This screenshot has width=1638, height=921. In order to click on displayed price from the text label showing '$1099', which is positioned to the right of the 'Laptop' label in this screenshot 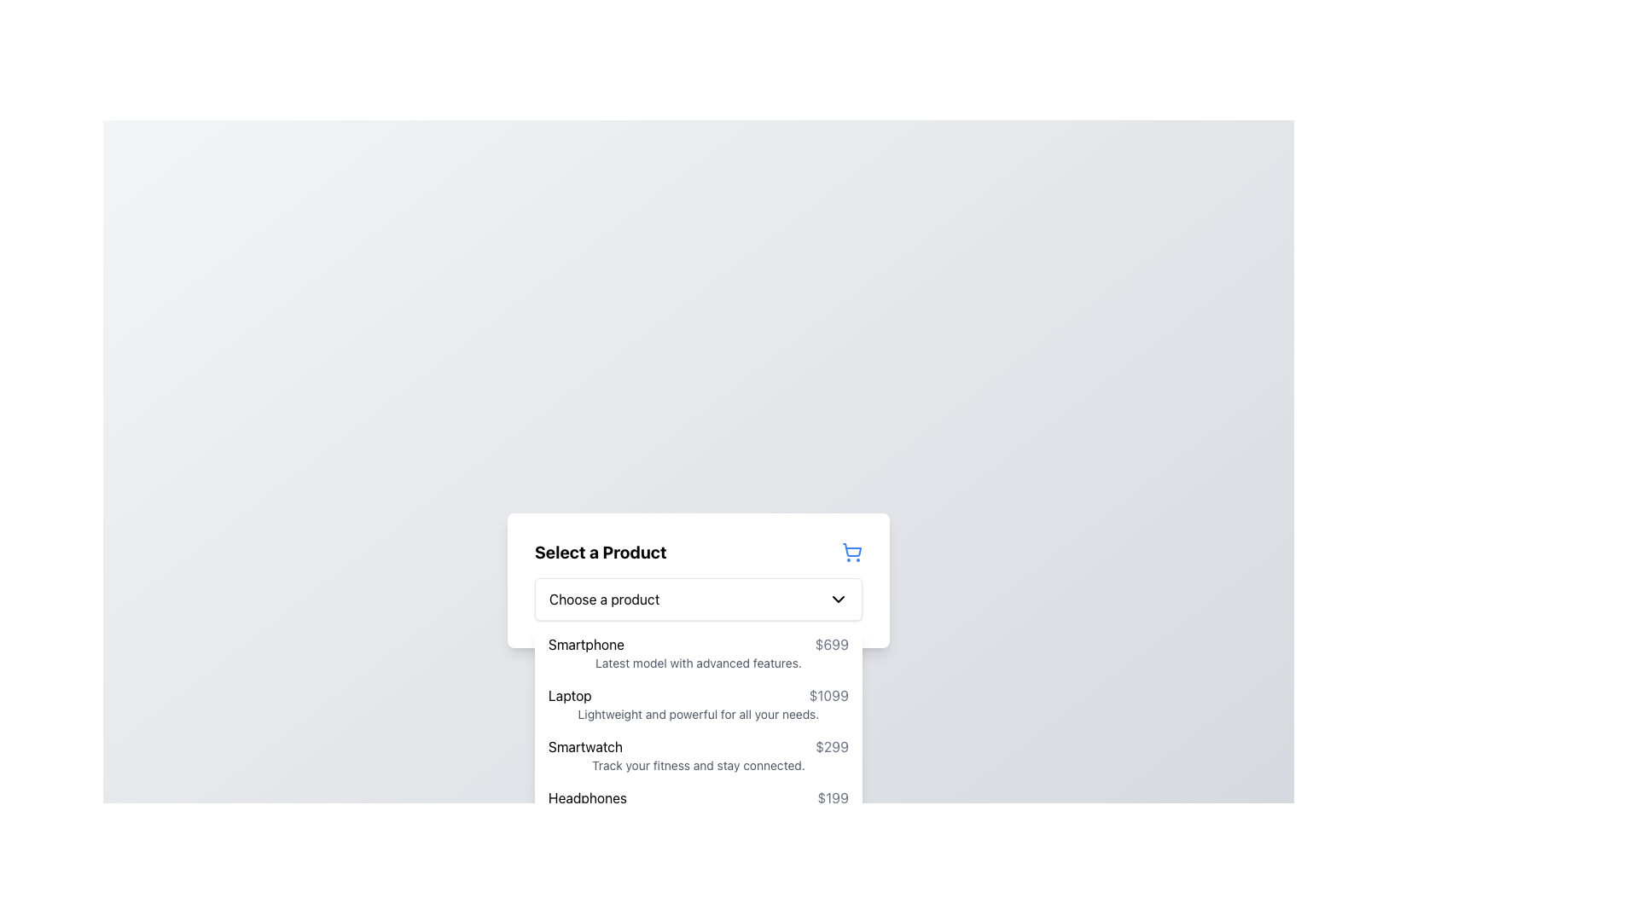, I will do `click(828, 696)`.